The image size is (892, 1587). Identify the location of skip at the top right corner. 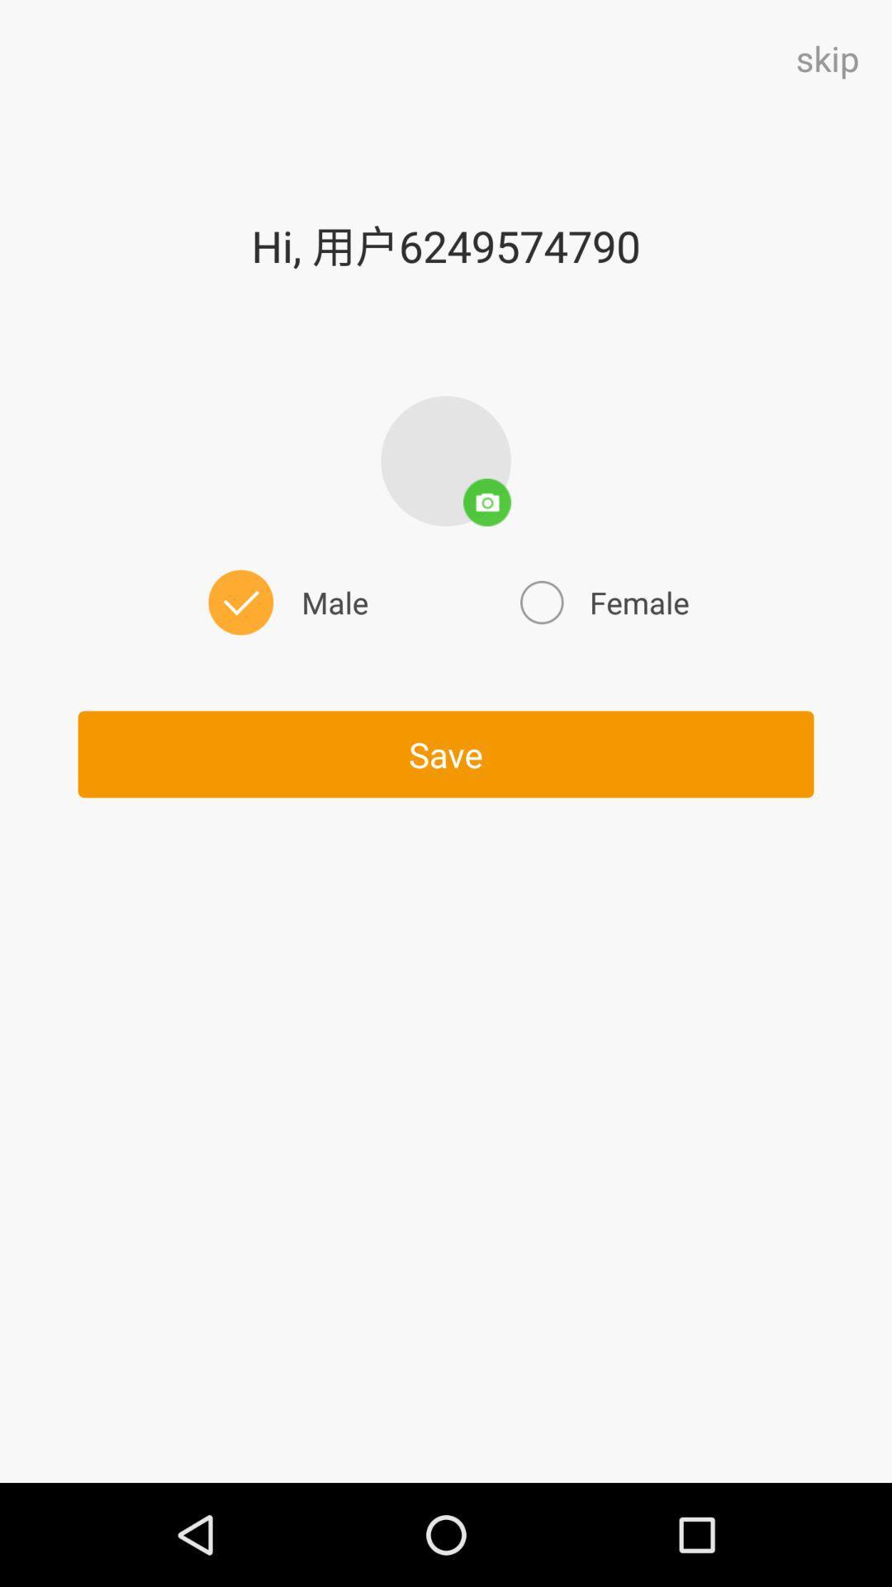
(828, 58).